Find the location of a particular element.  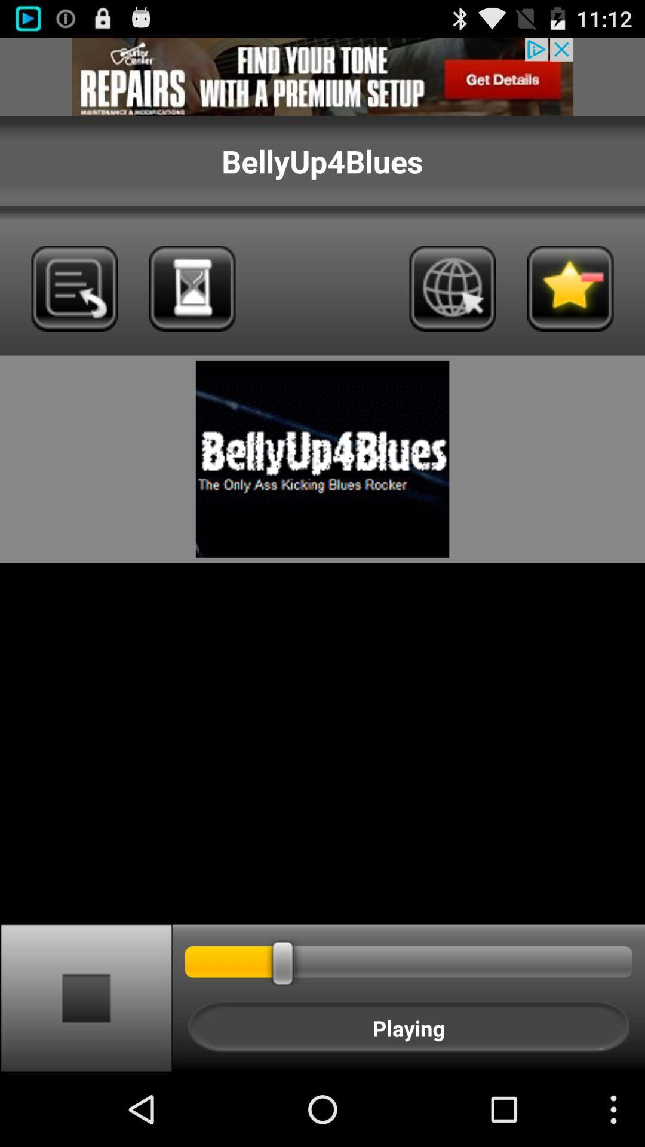

the star icon is located at coordinates (570, 309).